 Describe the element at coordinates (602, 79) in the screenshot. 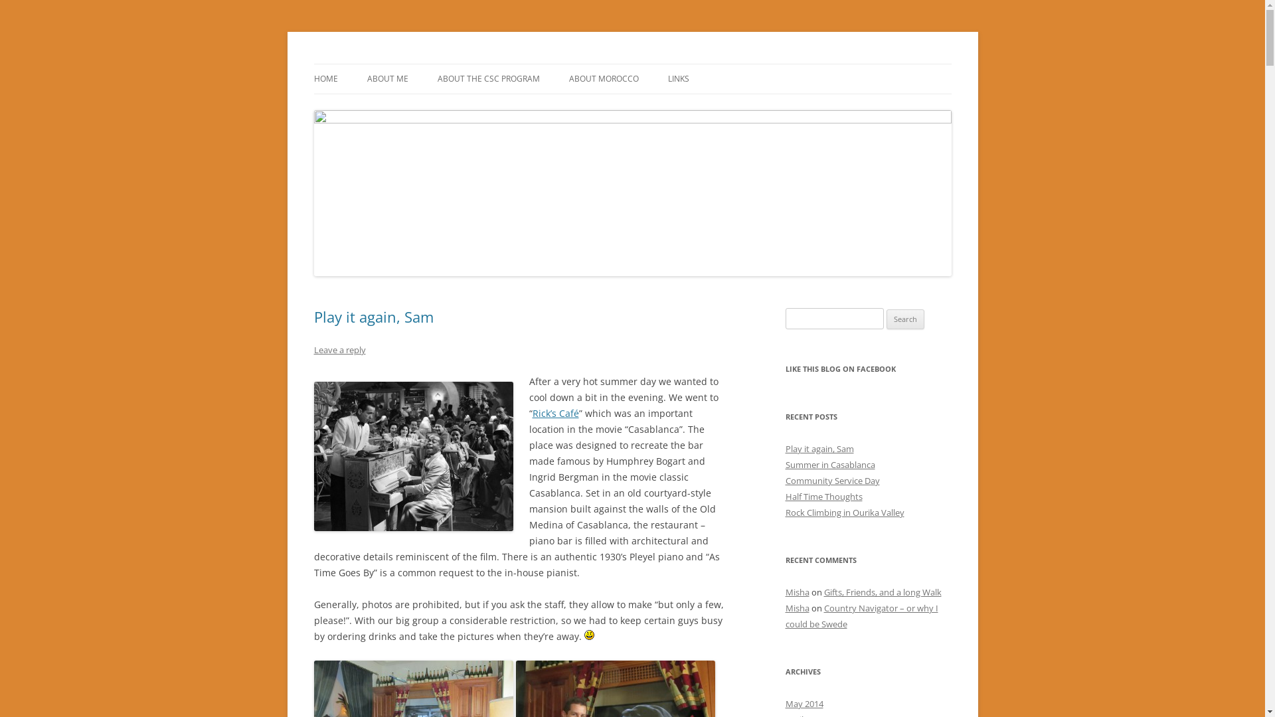

I see `'ABOUT MOROCCO'` at that location.